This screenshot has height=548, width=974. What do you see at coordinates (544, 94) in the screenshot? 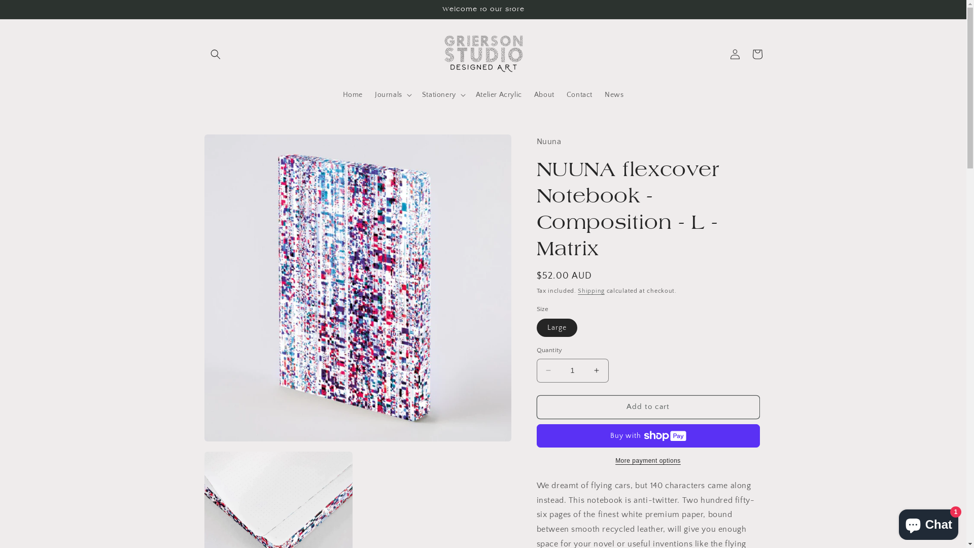
I see `'About'` at bounding box center [544, 94].